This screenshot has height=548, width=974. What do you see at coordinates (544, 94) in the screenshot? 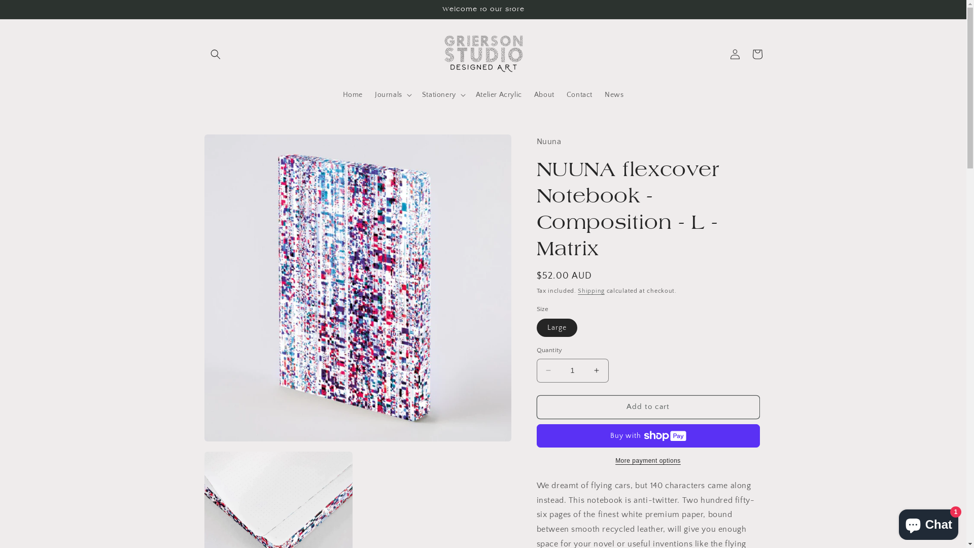
I see `'About'` at bounding box center [544, 94].